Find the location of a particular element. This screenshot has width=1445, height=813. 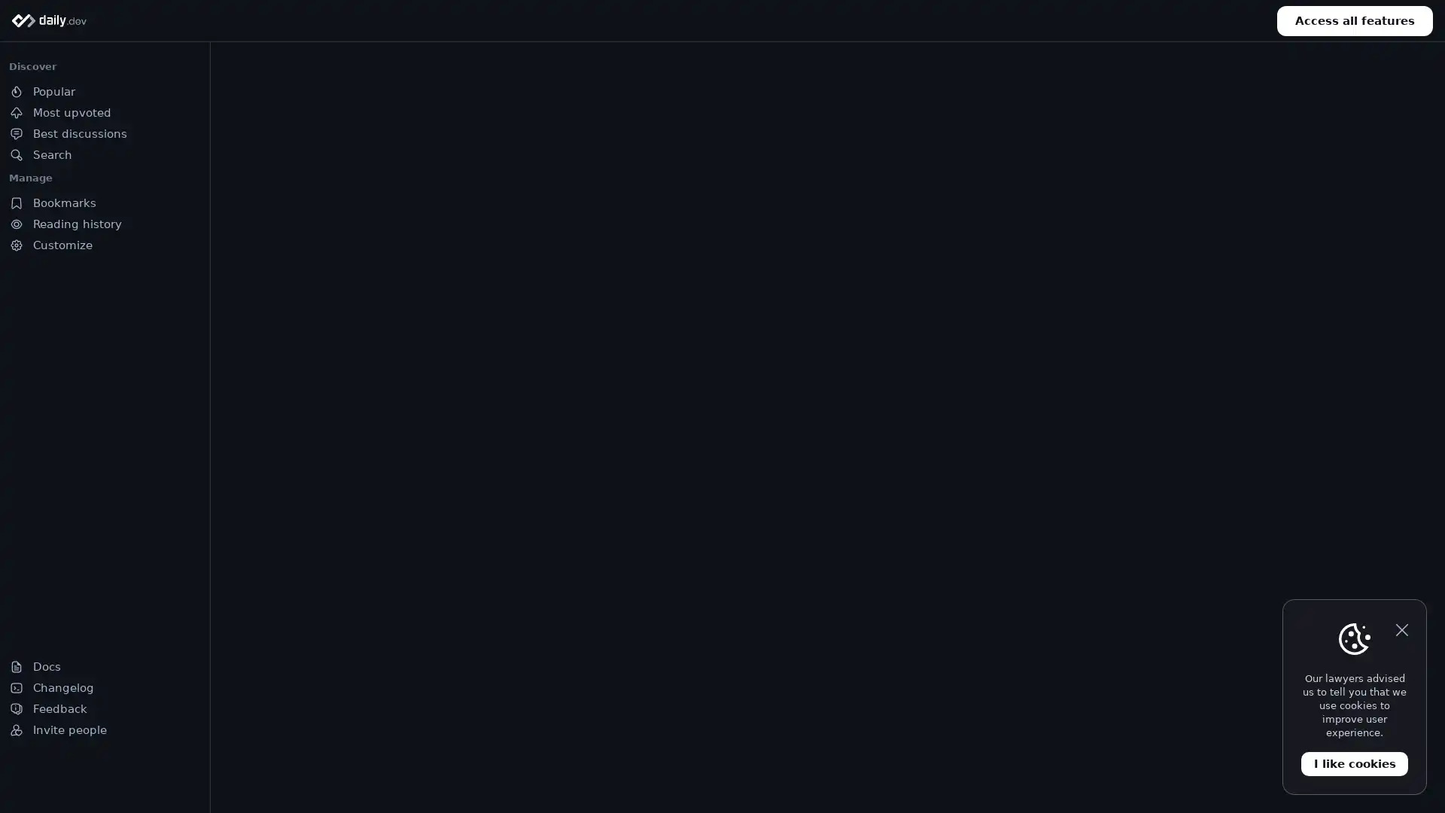

Options is located at coordinates (789, 488).